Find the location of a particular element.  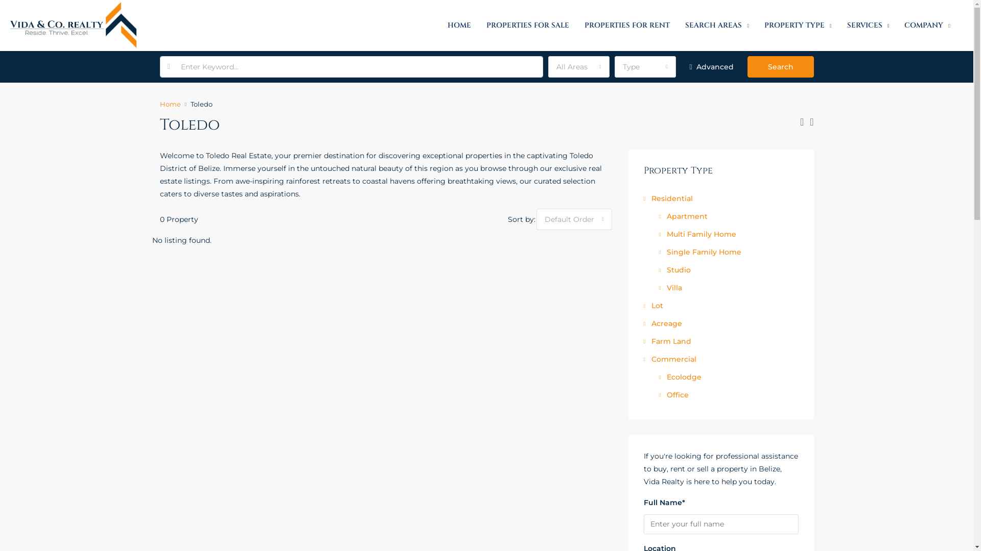

'Home' is located at coordinates (170, 104).